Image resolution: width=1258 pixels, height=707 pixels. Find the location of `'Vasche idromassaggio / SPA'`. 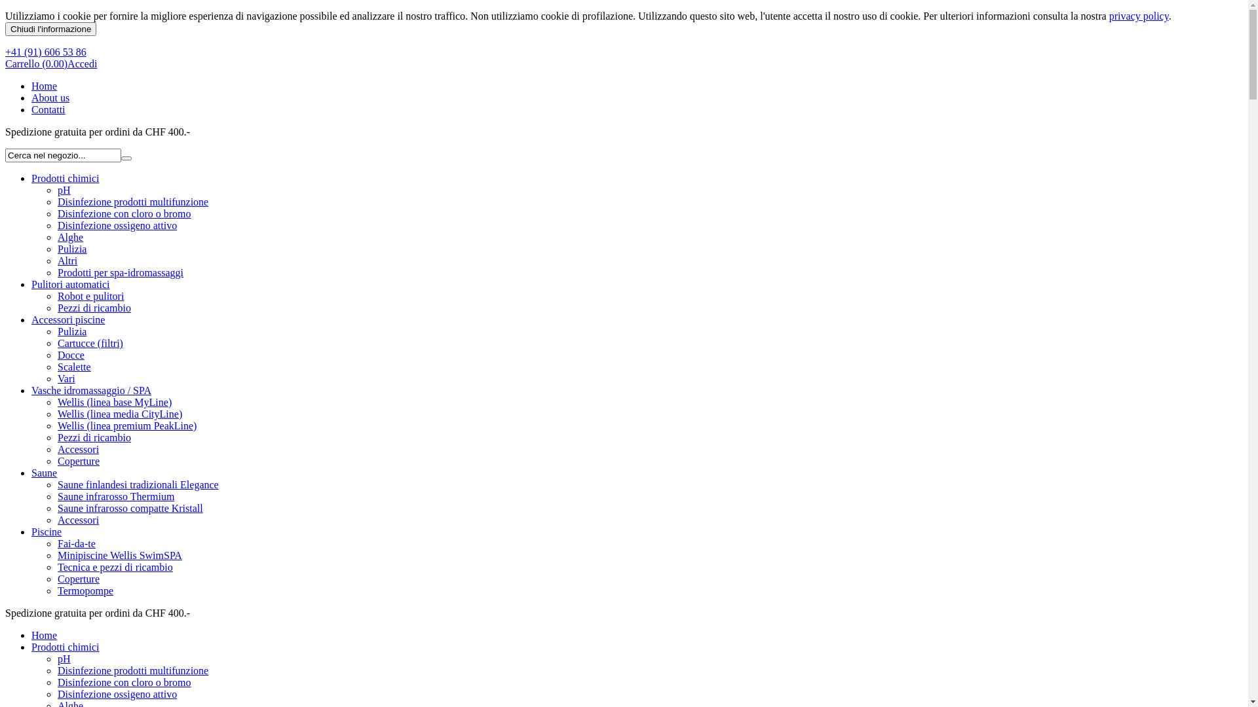

'Vasche idromassaggio / SPA' is located at coordinates (90, 390).